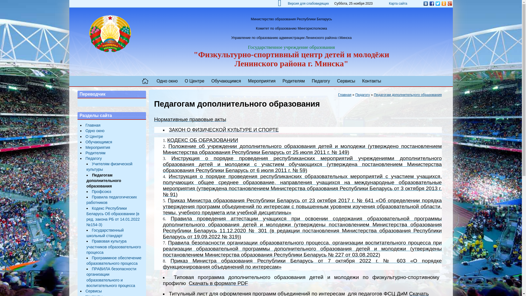 The image size is (526, 296). What do you see at coordinates (447, 3) in the screenshot?
I see `'Google Plus'` at bounding box center [447, 3].